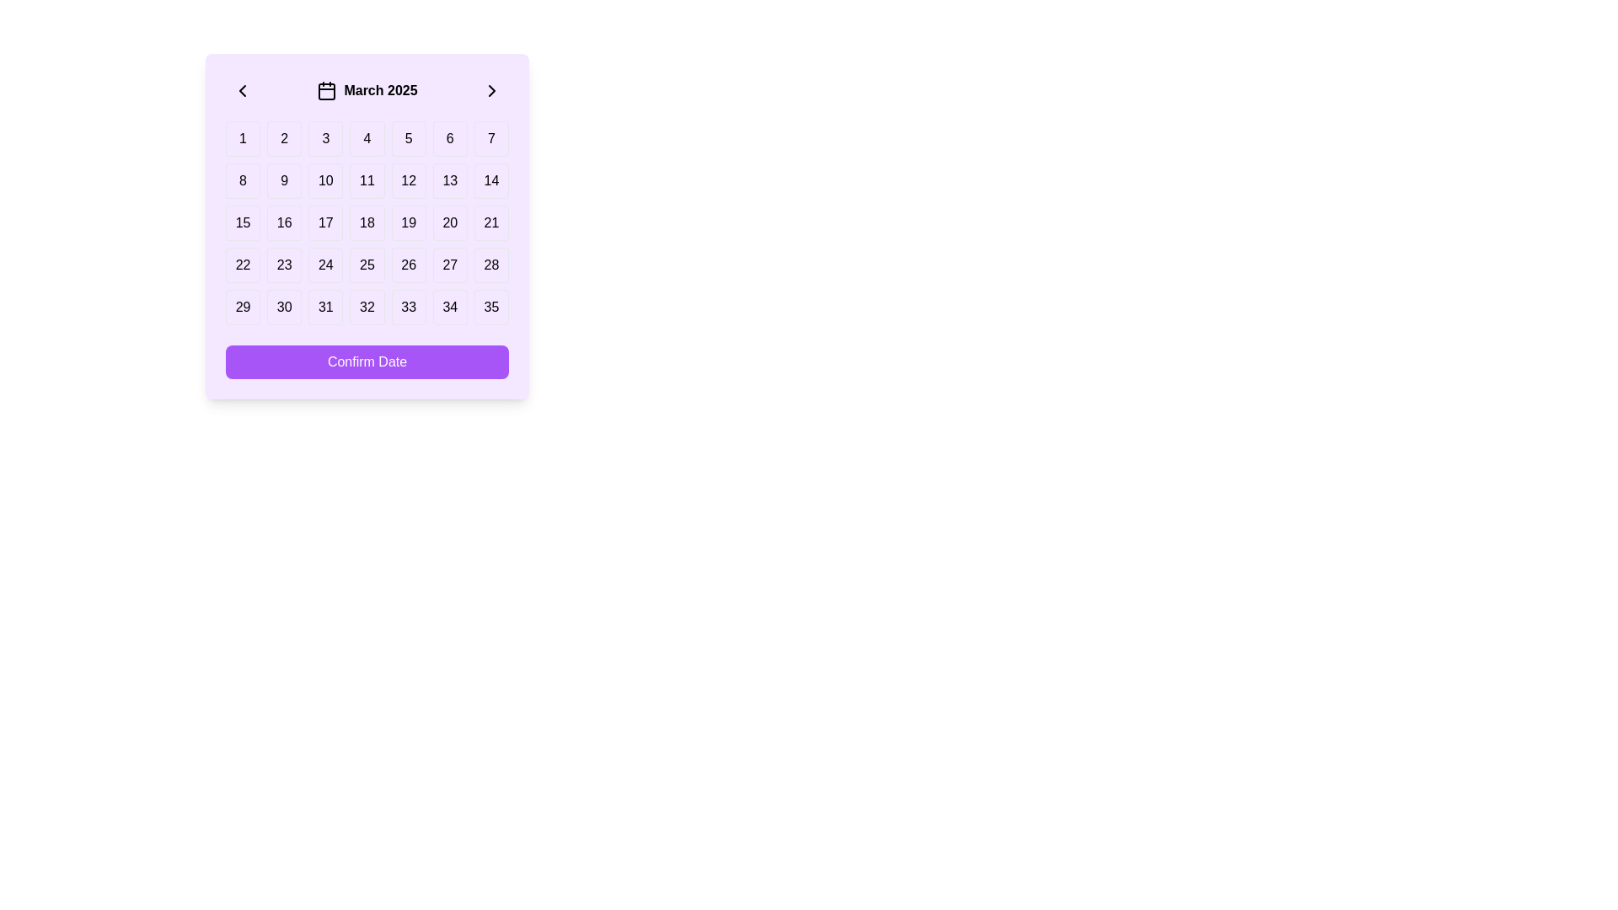 This screenshot has width=1618, height=910. What do you see at coordinates (242, 181) in the screenshot?
I see `the interactive button labeled '8' in the grid layout` at bounding box center [242, 181].